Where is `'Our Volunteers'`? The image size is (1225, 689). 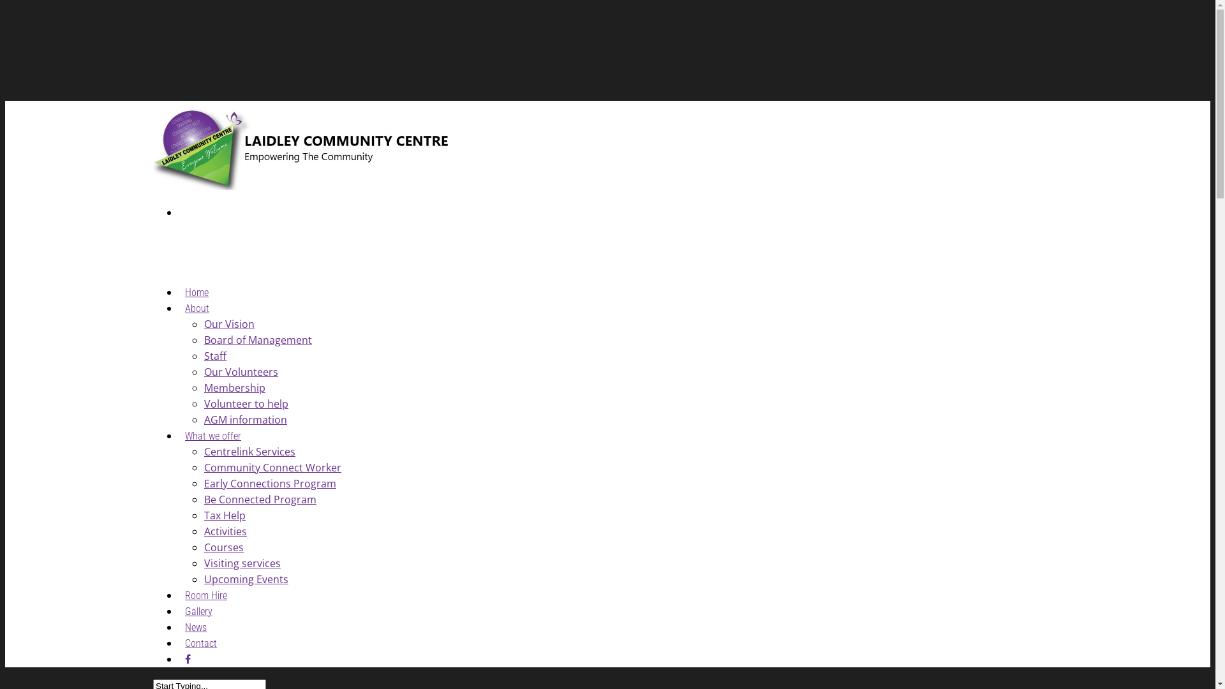 'Our Volunteers' is located at coordinates (241, 371).